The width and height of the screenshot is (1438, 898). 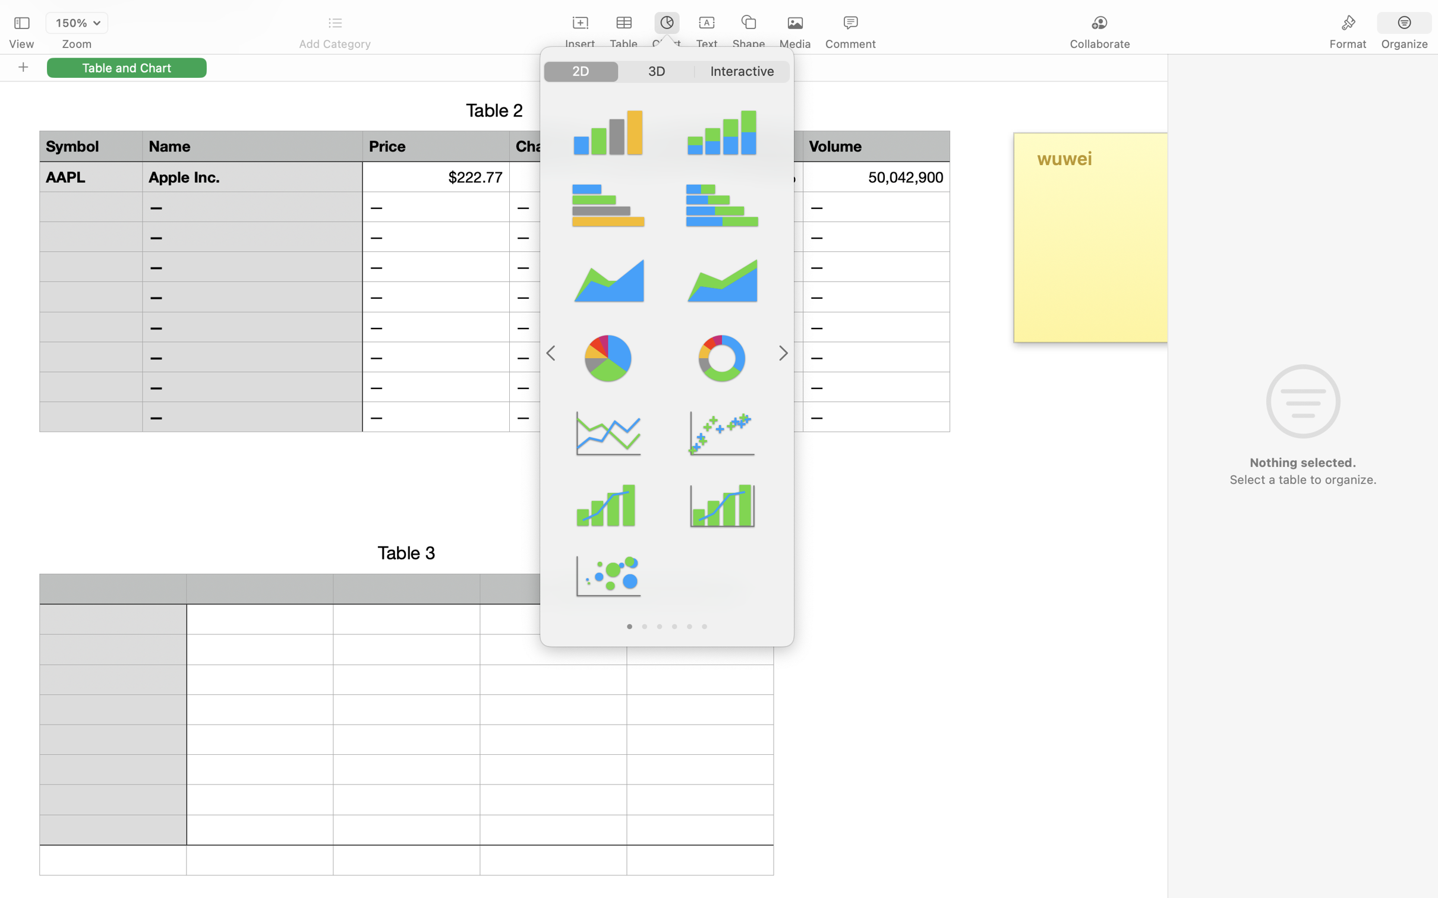 I want to click on 'Nothing selected.', so click(x=1302, y=463).